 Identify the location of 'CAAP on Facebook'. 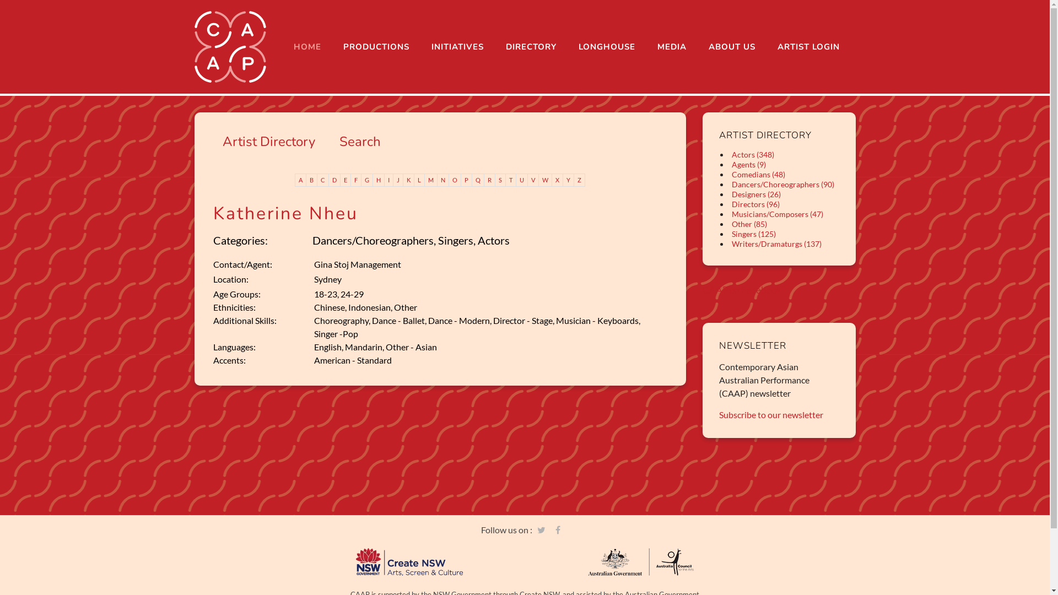
(742, 289).